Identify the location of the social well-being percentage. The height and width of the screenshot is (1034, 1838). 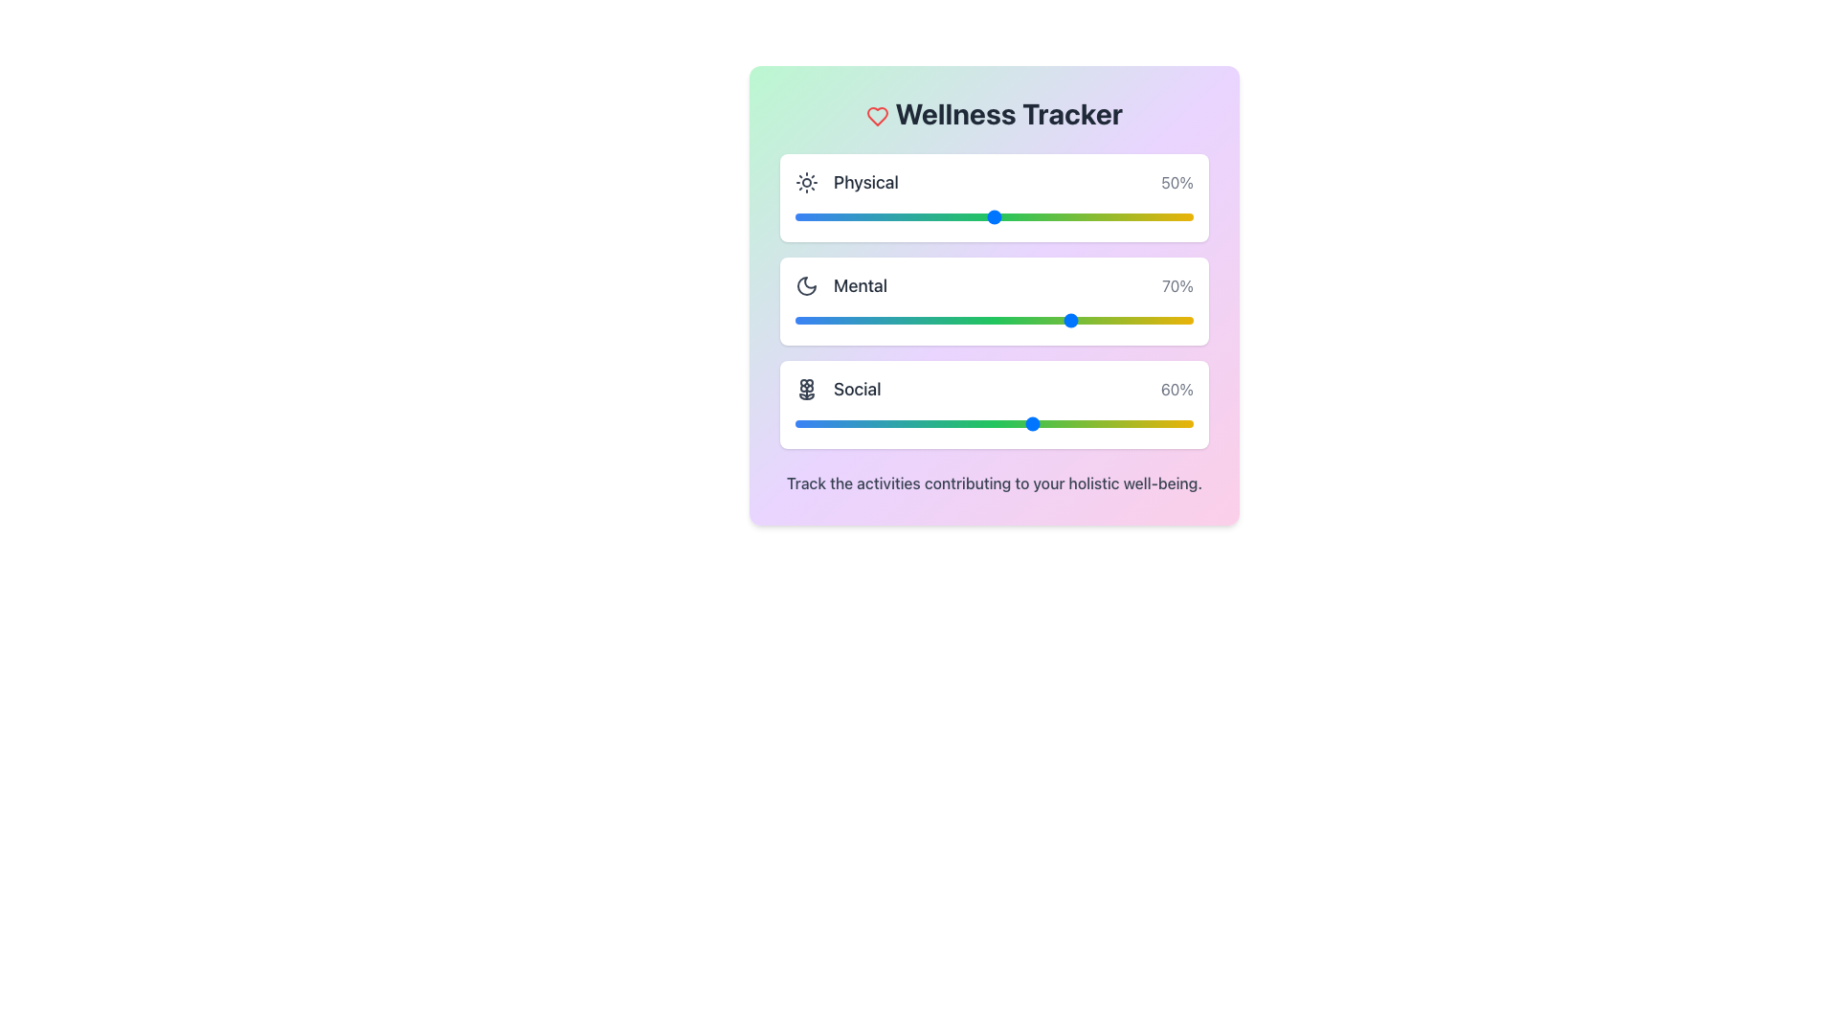
(913, 423).